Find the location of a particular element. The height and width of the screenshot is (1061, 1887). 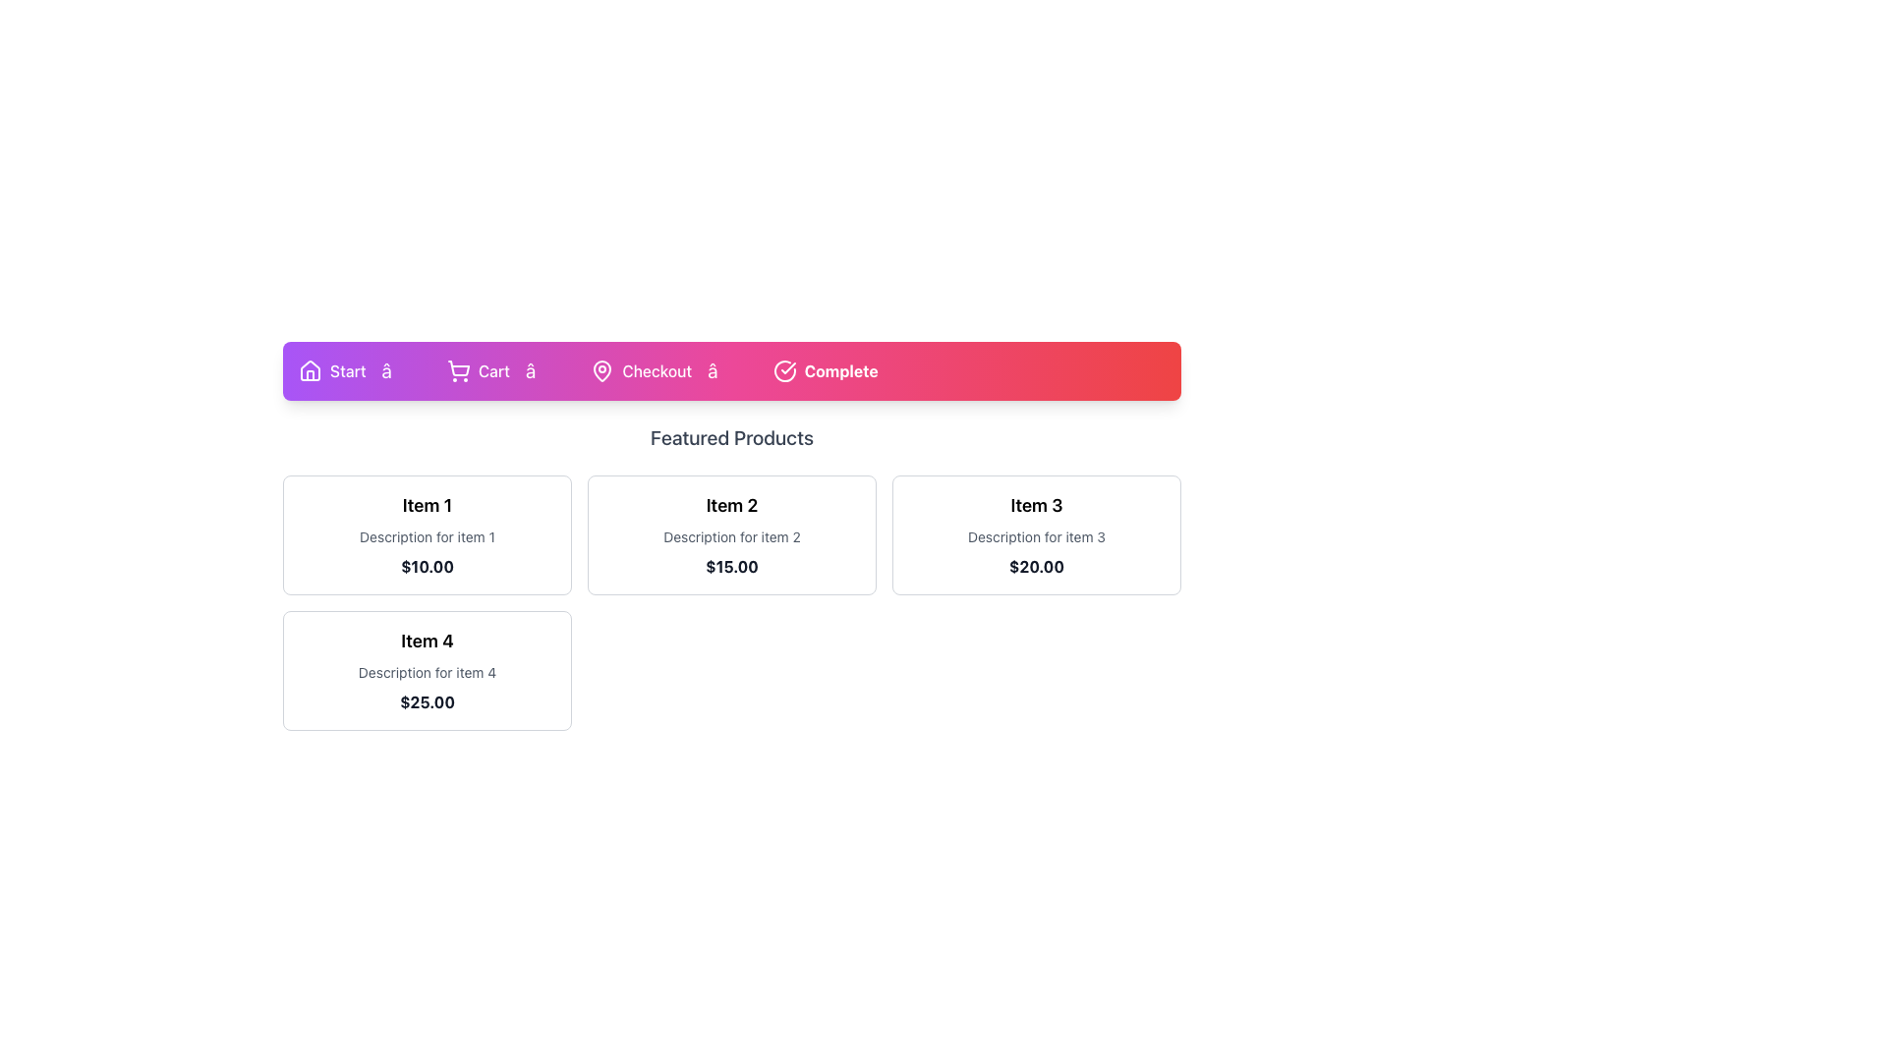

the check mark icon within the SVG element located in the top part of the navigation bar, aligned with the 'Complete' step in the progress tracker is located at coordinates (788, 367).